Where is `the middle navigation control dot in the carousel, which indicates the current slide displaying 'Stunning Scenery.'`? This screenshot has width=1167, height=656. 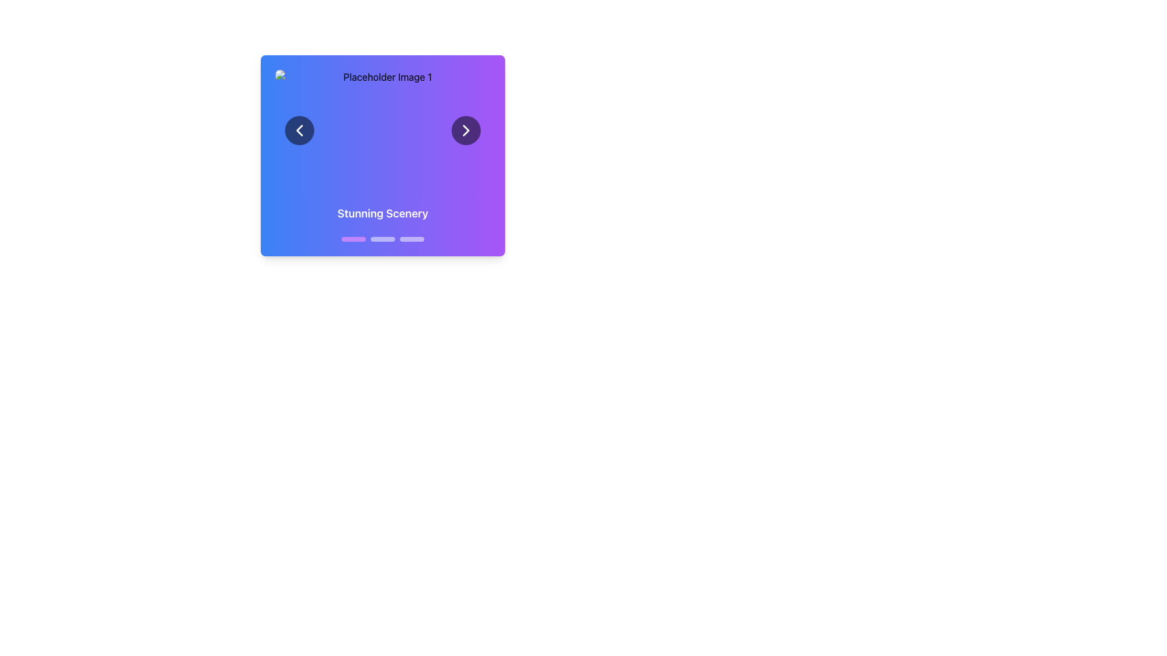 the middle navigation control dot in the carousel, which indicates the current slide displaying 'Stunning Scenery.' is located at coordinates (382, 239).